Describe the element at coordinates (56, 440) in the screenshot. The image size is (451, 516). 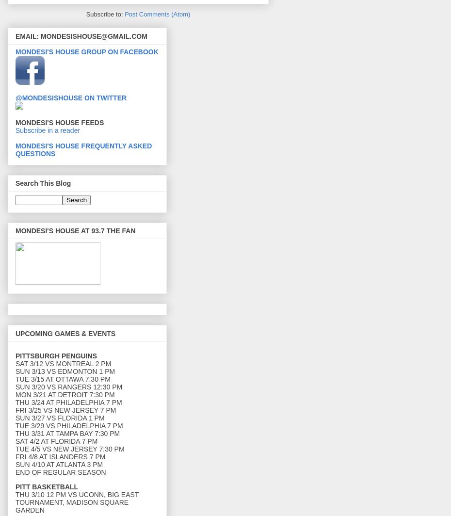
I see `'SAT 4/2 AT FLORIDA 7 PM'` at that location.